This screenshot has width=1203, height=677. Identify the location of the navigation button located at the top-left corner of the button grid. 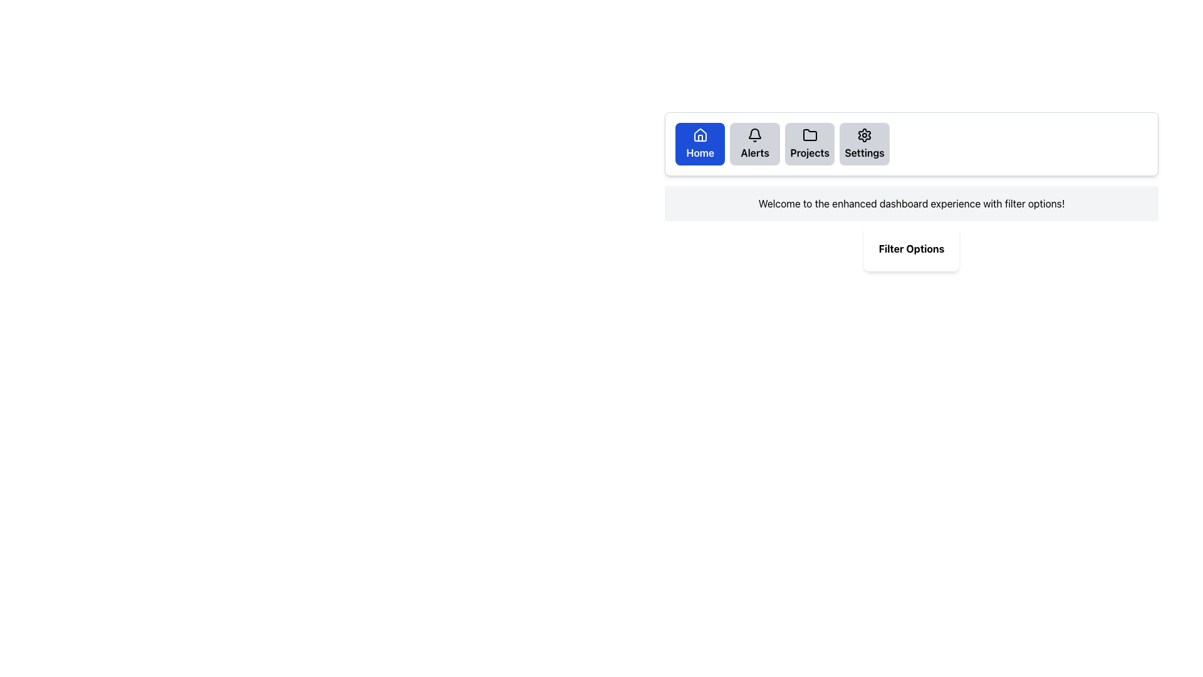
(699, 144).